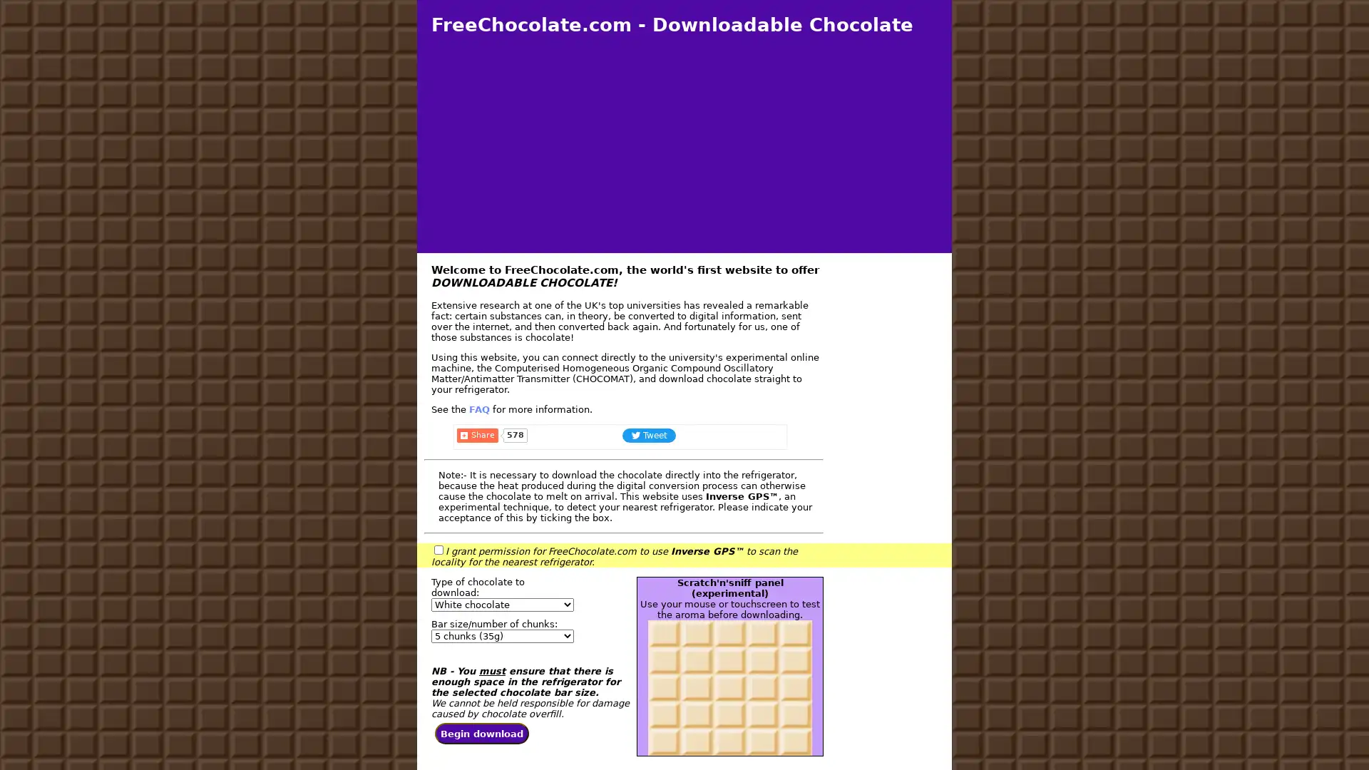  I want to click on Begin download, so click(482, 736).